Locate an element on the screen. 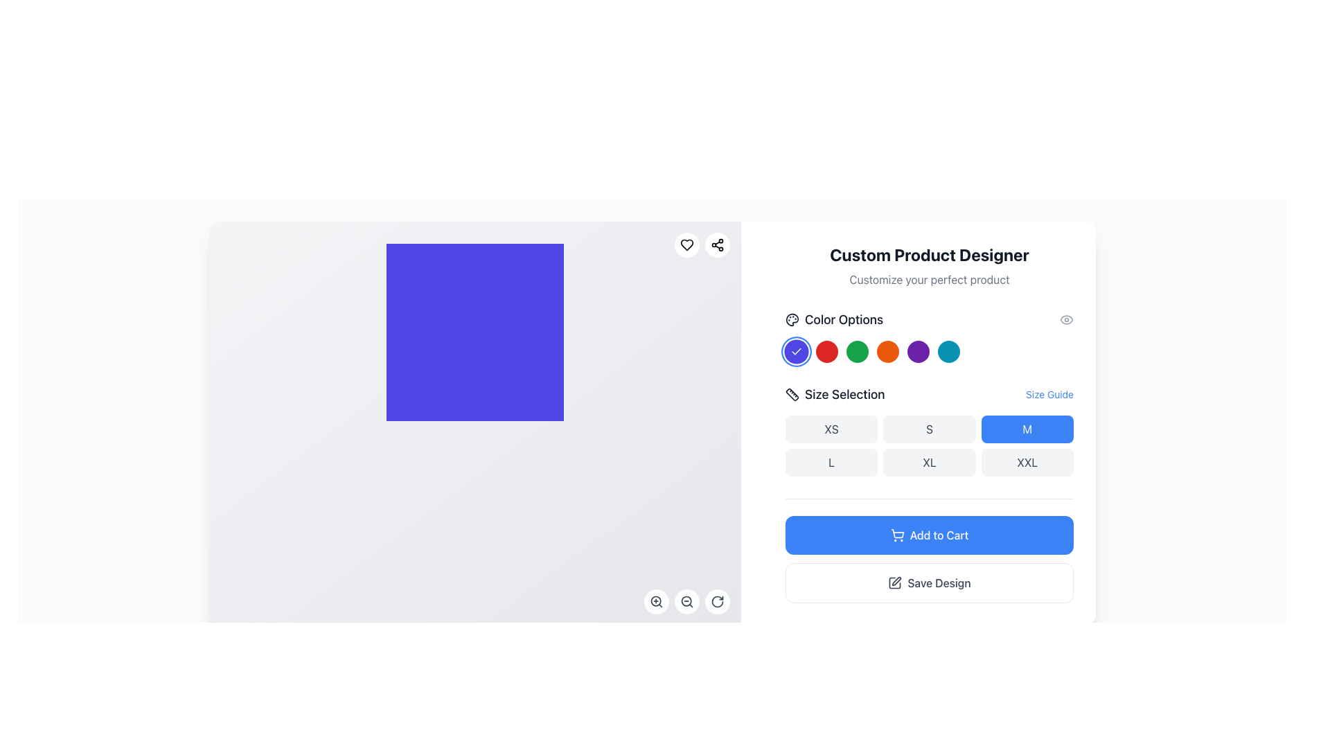  the favorite button located in the top-right corner of the content area, which is the first of two similar circular icons is located at coordinates (687, 244).